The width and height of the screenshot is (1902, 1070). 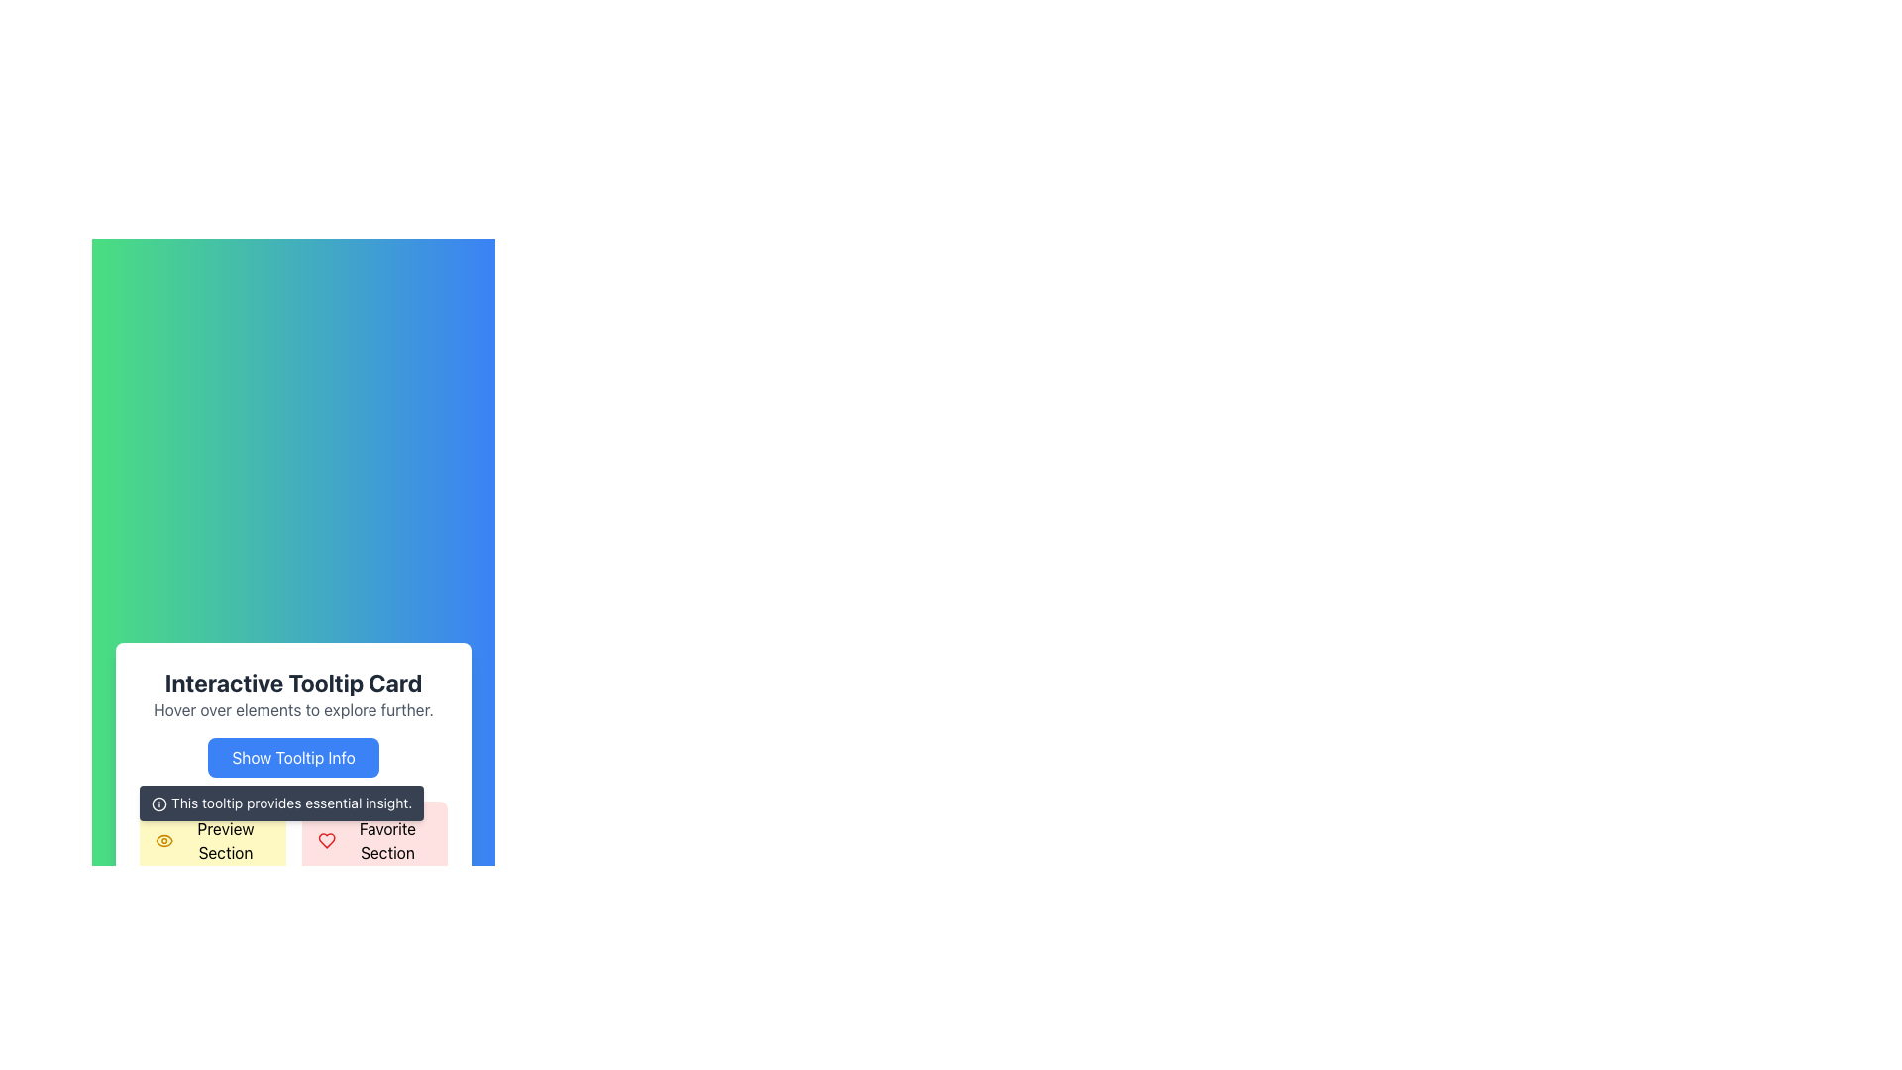 What do you see at coordinates (292, 809) in the screenshot?
I see `the tooltip message with dark gray background and white text that reads 'This tooltip provides essential insight.' located beneath the blue button labeled 'Show Tooltip Info'` at bounding box center [292, 809].